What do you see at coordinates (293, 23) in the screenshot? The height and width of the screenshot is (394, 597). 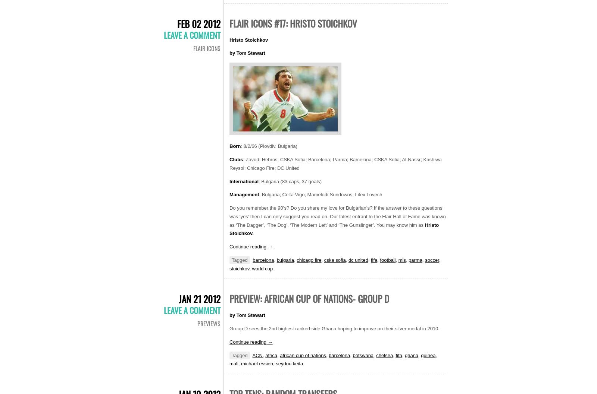 I see `'Flair Icons #17: Hristo Stoichkov'` at bounding box center [293, 23].